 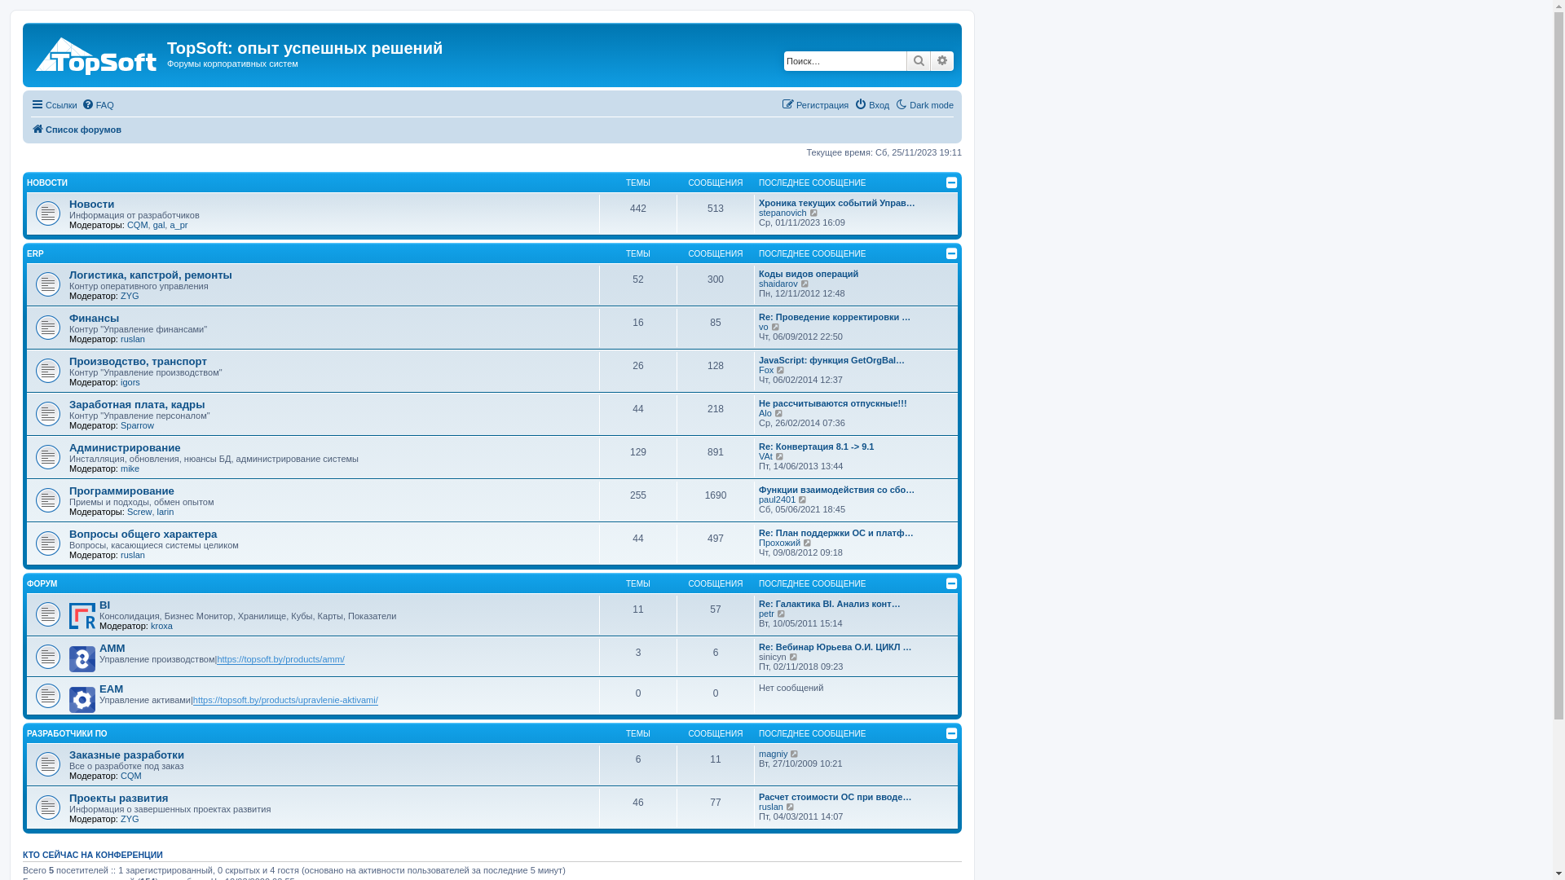 I want to click on 'FAQ', so click(x=97, y=104).